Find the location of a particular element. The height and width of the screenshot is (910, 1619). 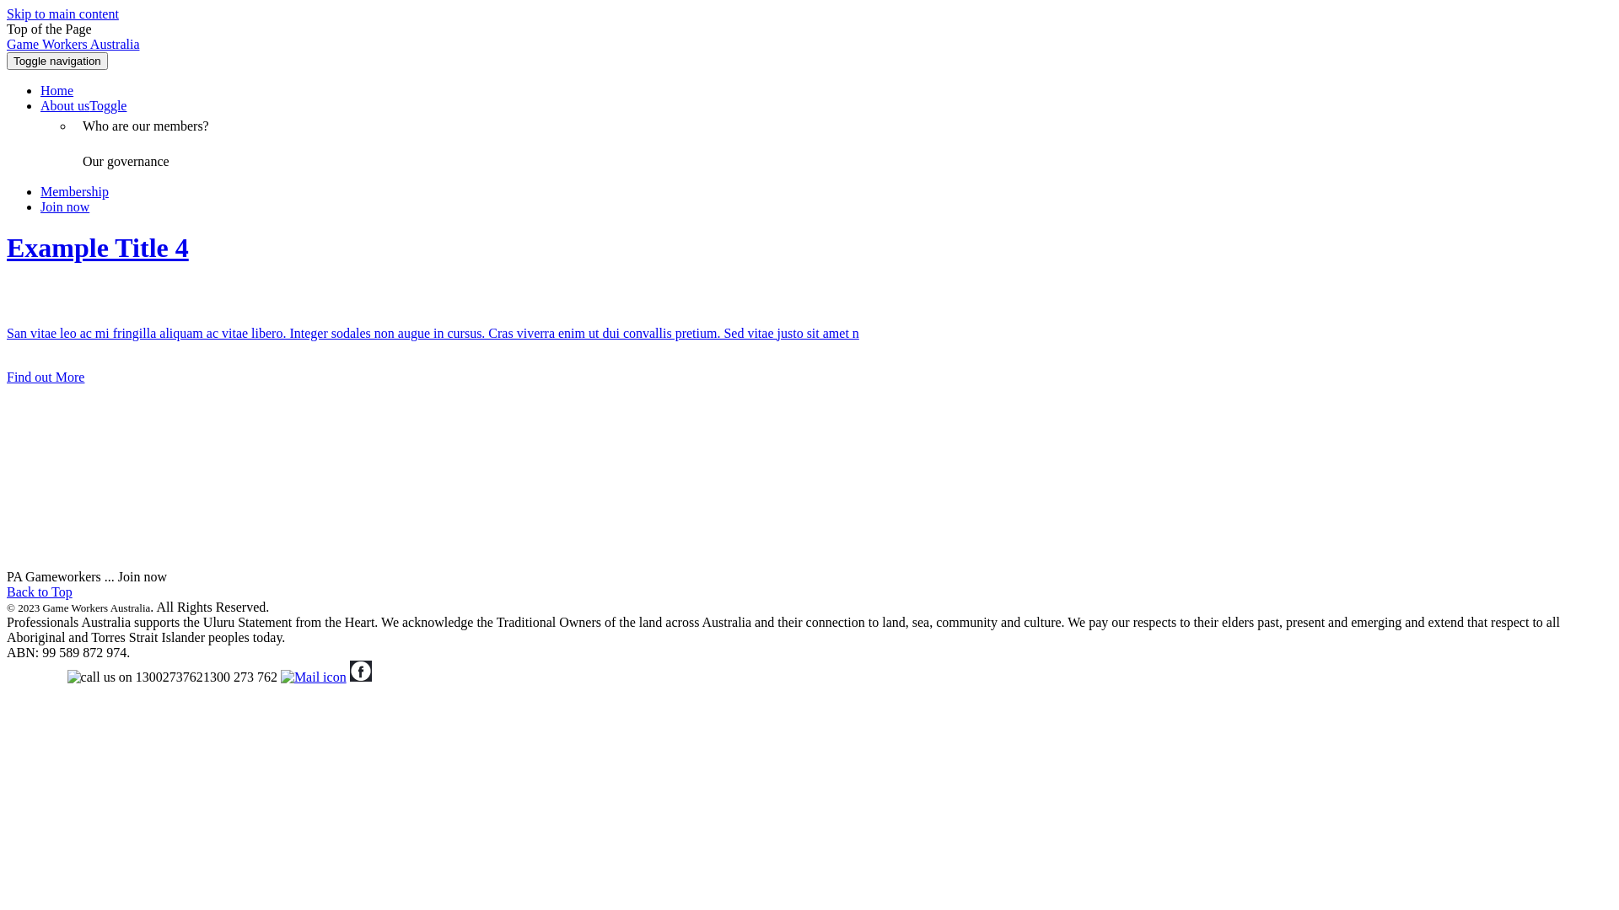

'Join now' is located at coordinates (64, 206).